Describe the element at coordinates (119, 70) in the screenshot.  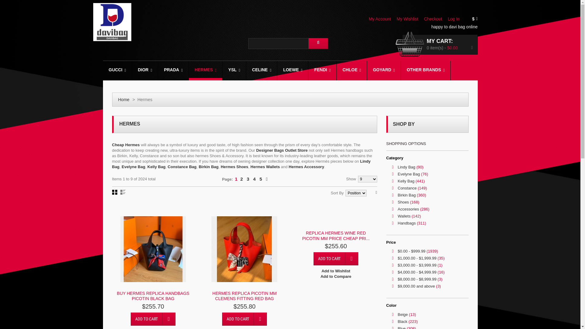
I see `'GUCCI'` at that location.